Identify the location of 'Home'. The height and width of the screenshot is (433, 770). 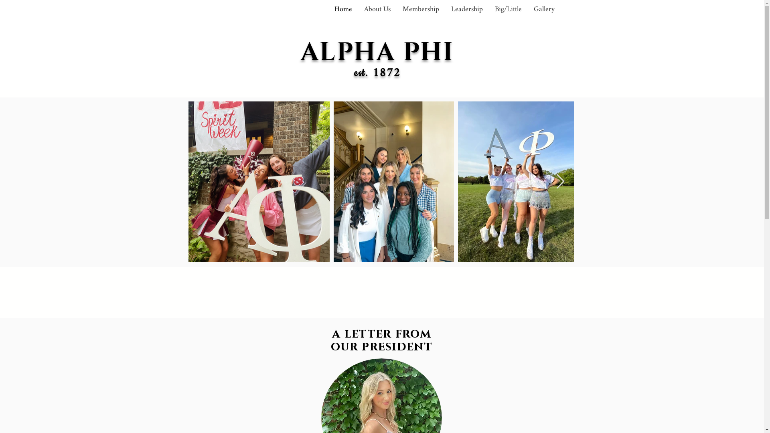
(342, 9).